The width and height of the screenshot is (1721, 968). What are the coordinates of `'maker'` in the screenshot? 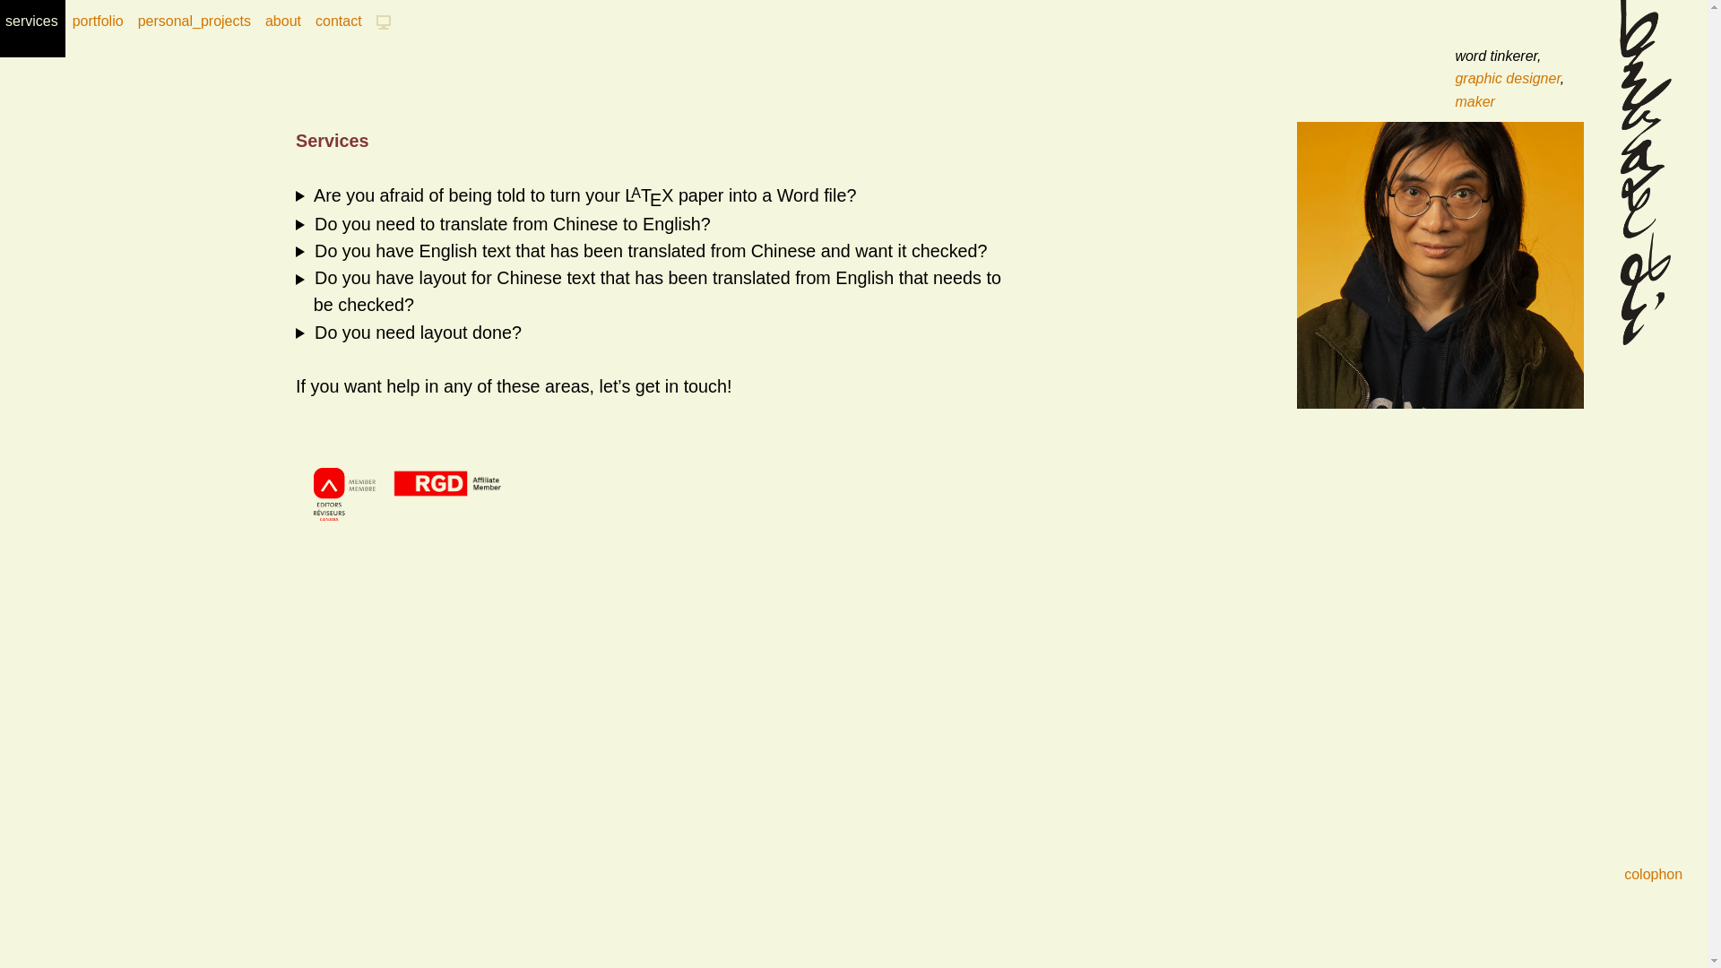 It's located at (1475, 101).